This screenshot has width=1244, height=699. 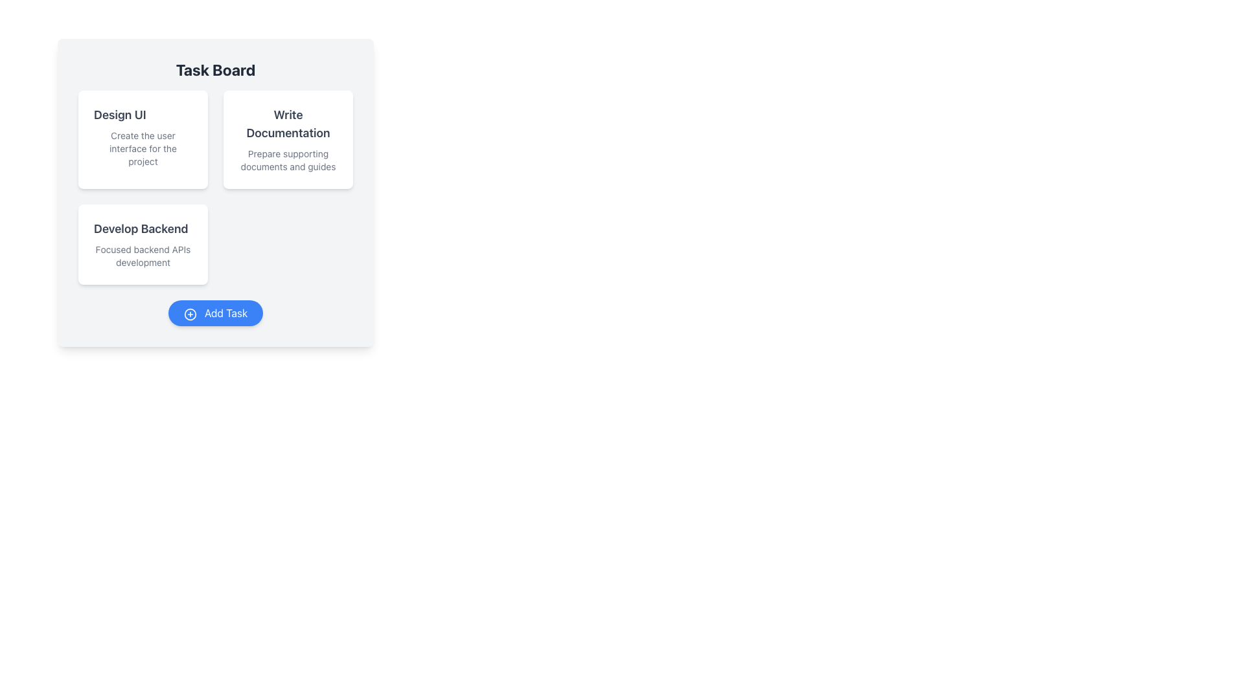 I want to click on description of the text element saying 'Focused backend APIs development', which is styled in gray and located below the title 'Develop Backend' within a rectangular card, so click(x=143, y=256).